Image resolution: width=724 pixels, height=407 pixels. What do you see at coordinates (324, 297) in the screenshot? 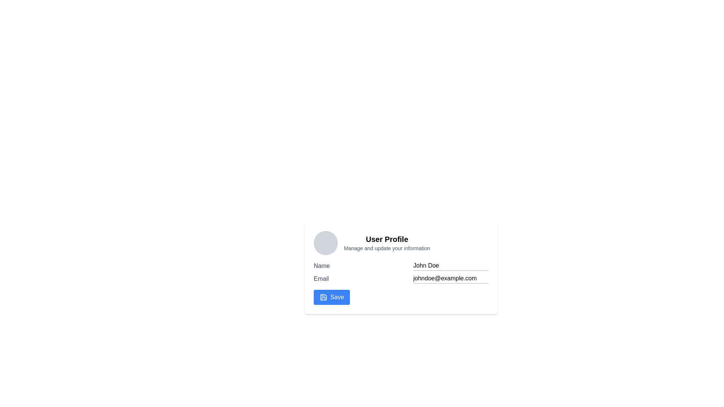
I see `the floppy disk icon within the blue rounded button labeled 'Save' located in the bottom left area of the user profile section` at bounding box center [324, 297].